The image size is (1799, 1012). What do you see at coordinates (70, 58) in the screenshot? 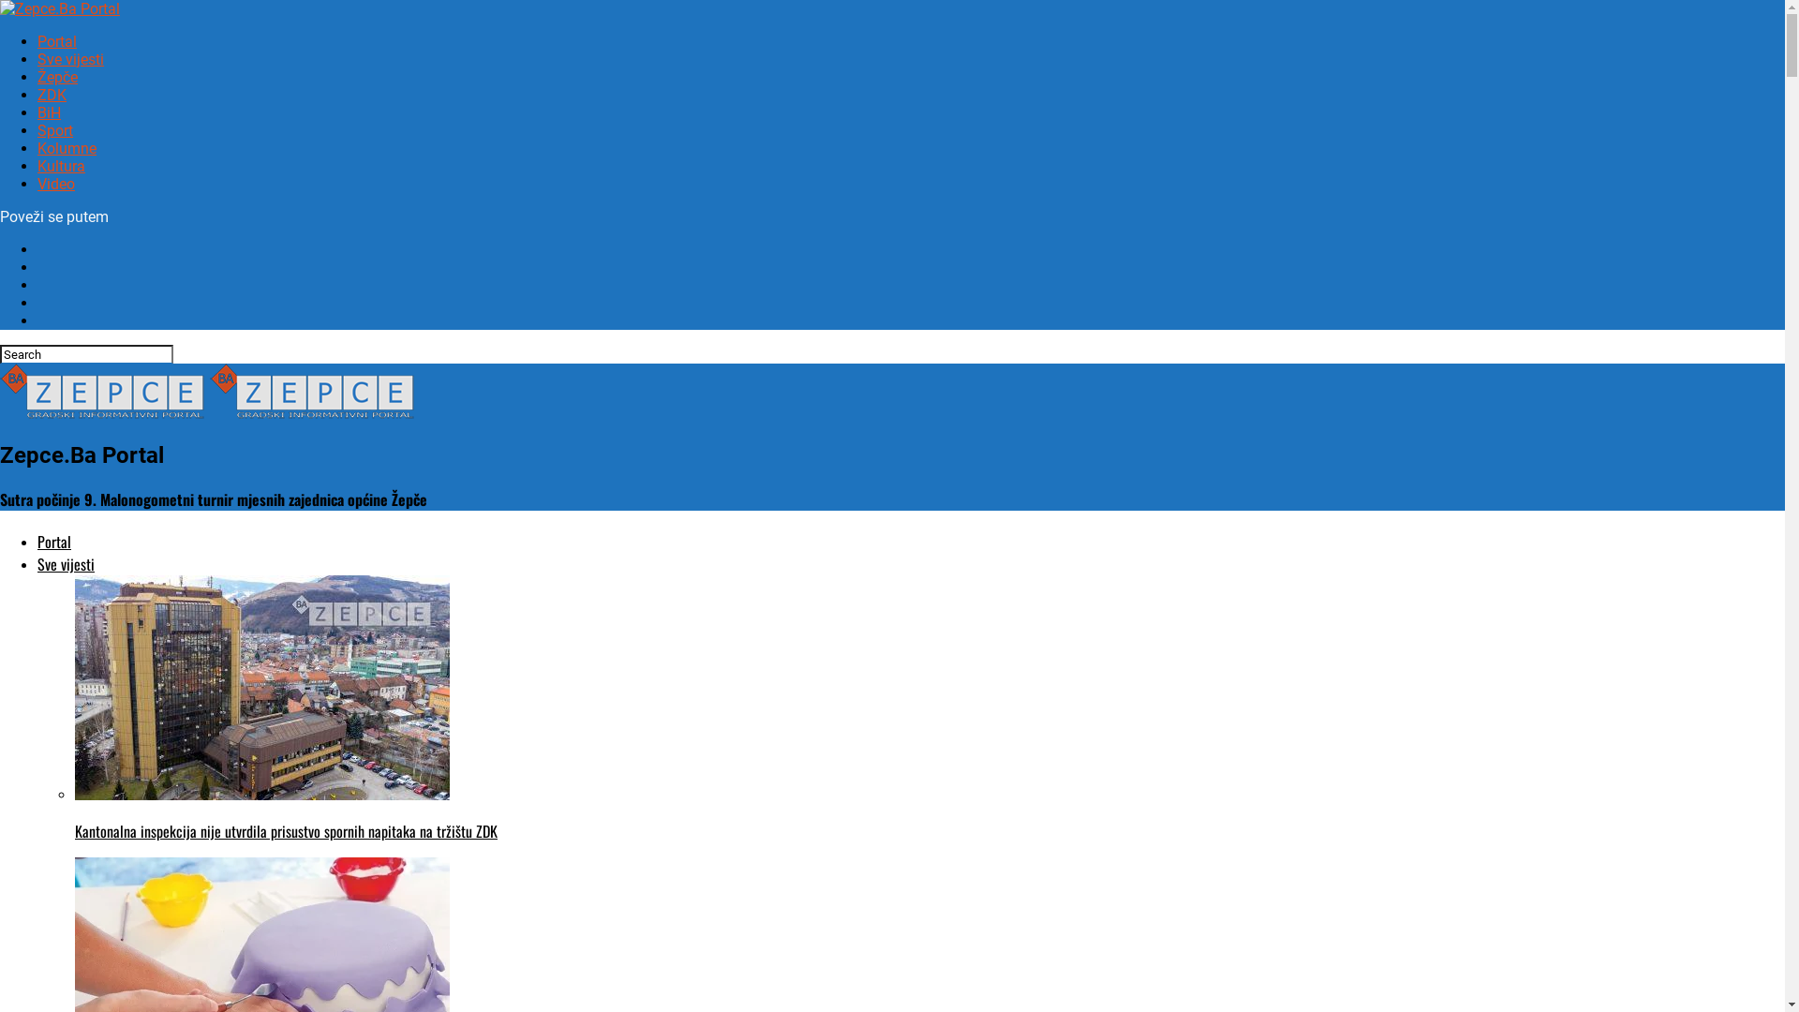
I see `'Sve vijesti'` at bounding box center [70, 58].